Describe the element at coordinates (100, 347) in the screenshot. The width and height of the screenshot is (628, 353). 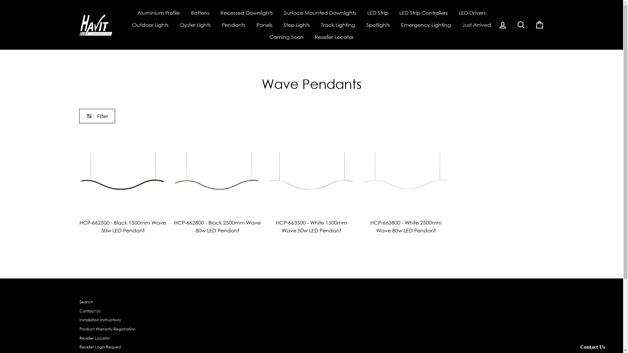
I see `'Reseller Login Request'` at that location.